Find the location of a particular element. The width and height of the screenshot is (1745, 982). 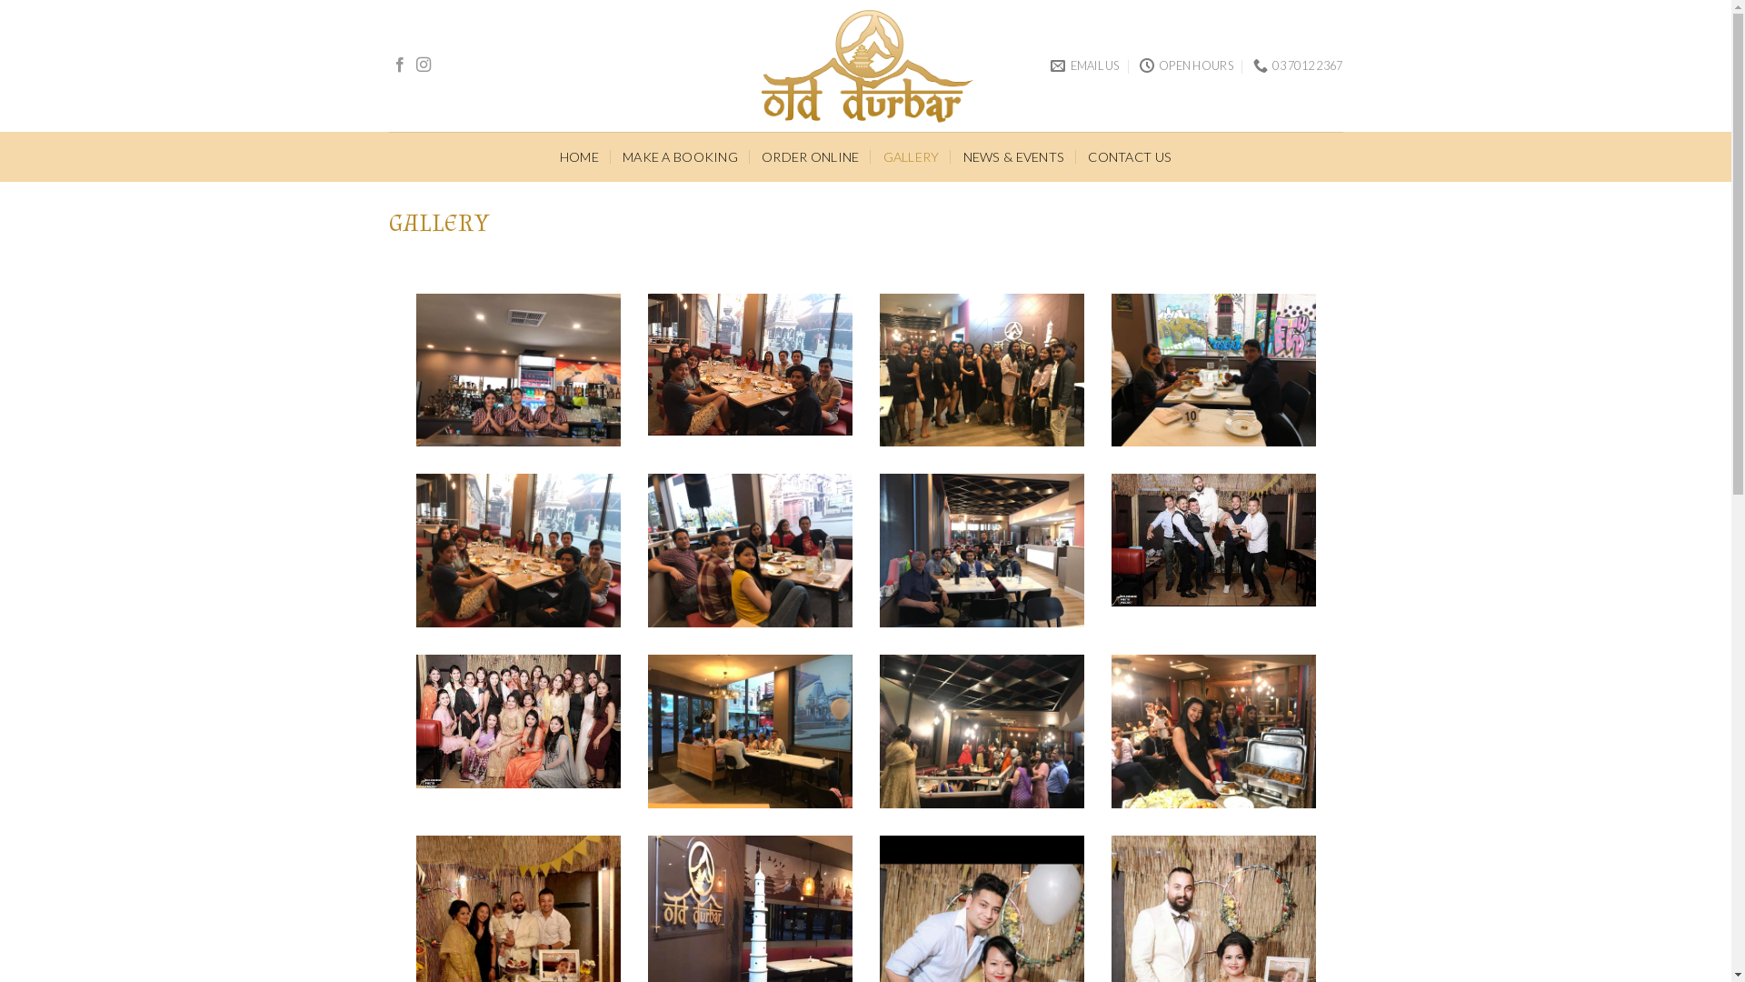

'CONTACT US' is located at coordinates (1129, 155).